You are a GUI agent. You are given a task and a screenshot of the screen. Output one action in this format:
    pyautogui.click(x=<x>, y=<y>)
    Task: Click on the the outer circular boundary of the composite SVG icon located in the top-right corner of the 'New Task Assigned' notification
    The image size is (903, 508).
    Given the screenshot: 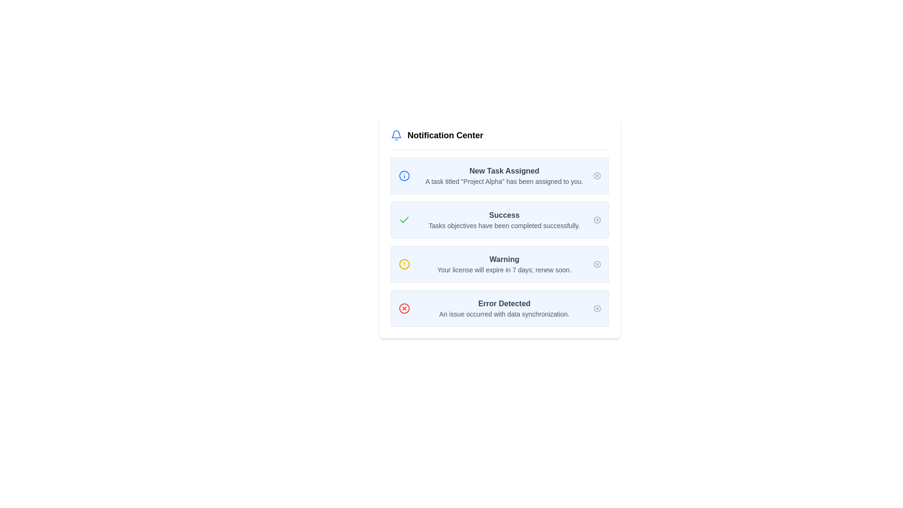 What is the action you would take?
    pyautogui.click(x=596, y=176)
    